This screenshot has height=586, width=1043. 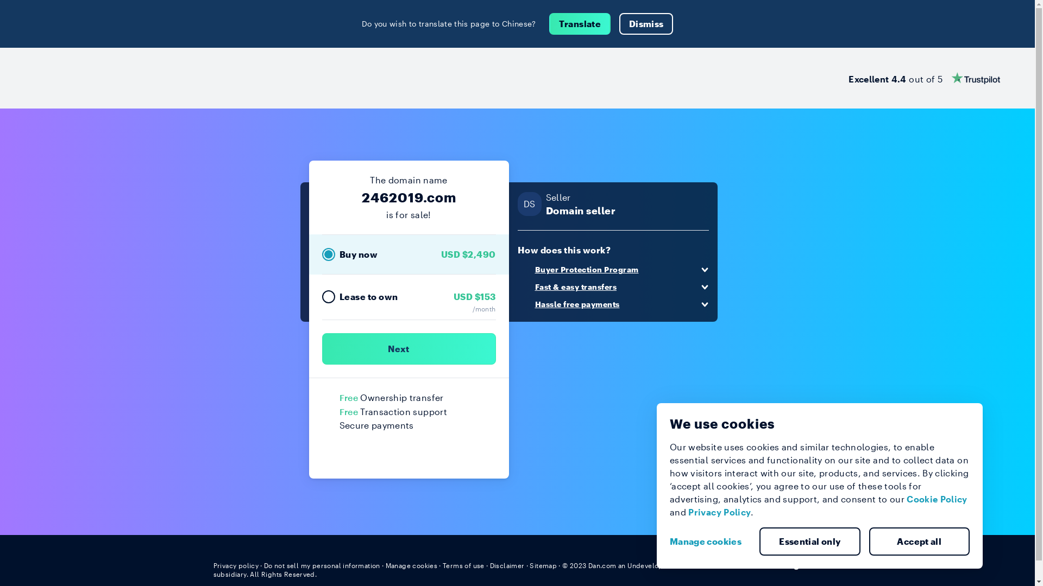 What do you see at coordinates (579, 23) in the screenshot?
I see `'Translate'` at bounding box center [579, 23].